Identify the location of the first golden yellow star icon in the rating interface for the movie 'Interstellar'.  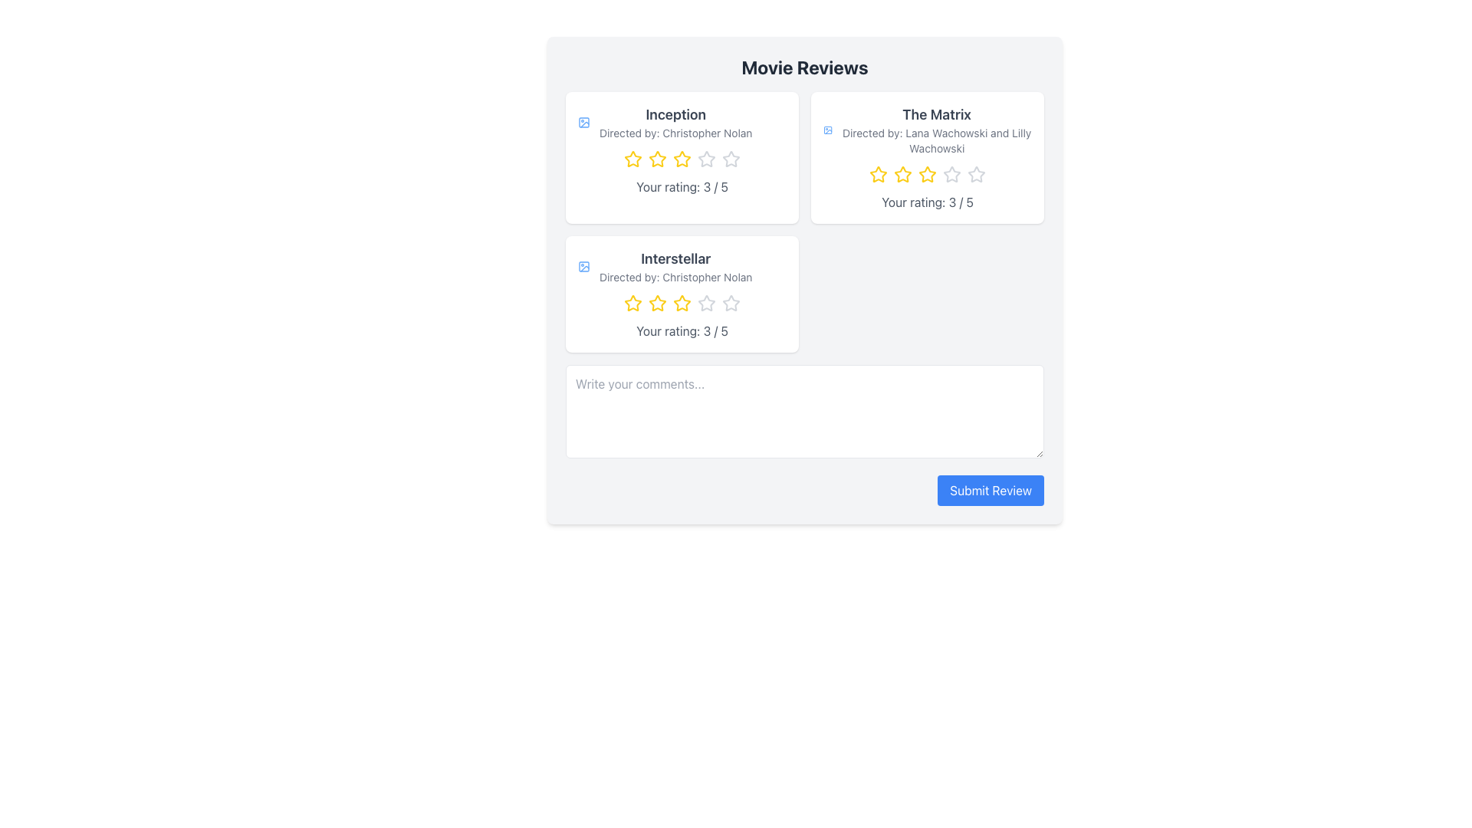
(632, 303).